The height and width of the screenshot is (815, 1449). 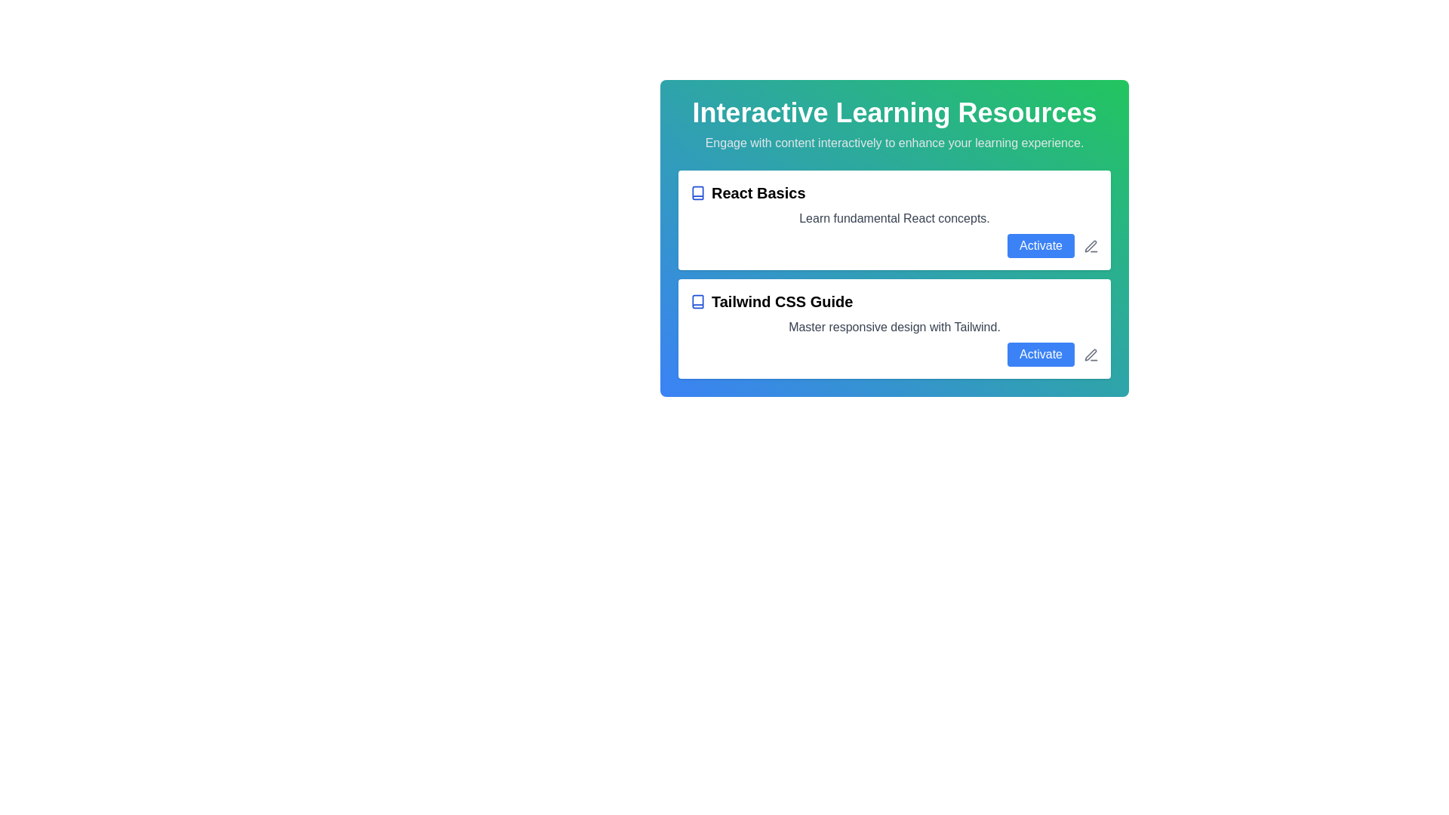 What do you see at coordinates (894, 112) in the screenshot?
I see `the header text that indicates the purpose or theme of the interface section, located above the subtitle 'Engage with content interactively to enhance your learning experience.'` at bounding box center [894, 112].